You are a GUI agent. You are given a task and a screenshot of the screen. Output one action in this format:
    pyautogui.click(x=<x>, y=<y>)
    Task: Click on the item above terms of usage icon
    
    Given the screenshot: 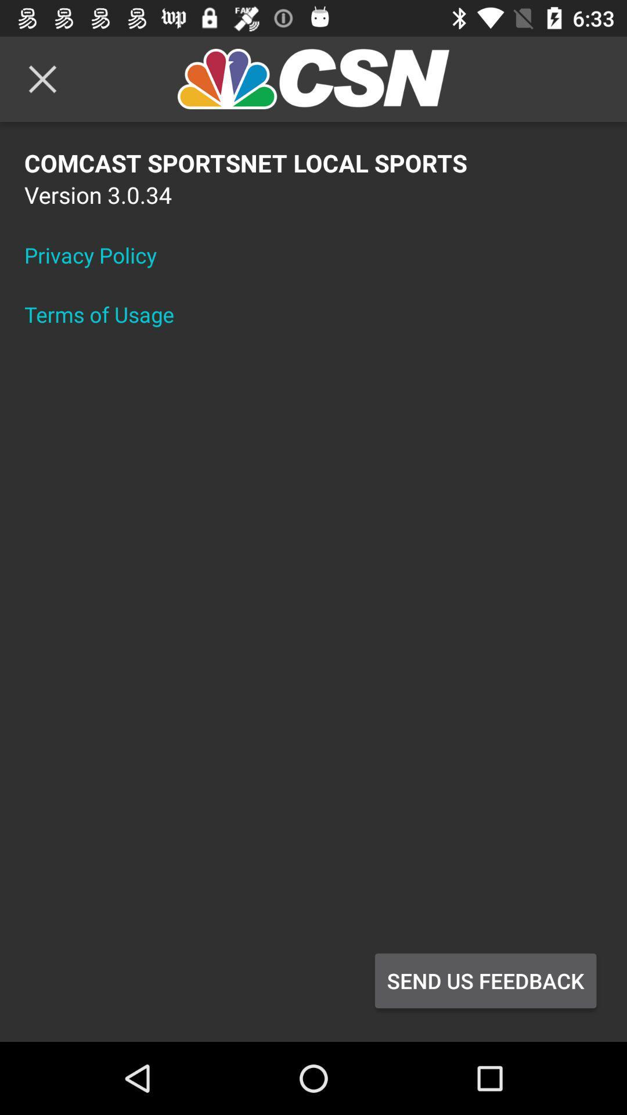 What is the action you would take?
    pyautogui.click(x=98, y=254)
    